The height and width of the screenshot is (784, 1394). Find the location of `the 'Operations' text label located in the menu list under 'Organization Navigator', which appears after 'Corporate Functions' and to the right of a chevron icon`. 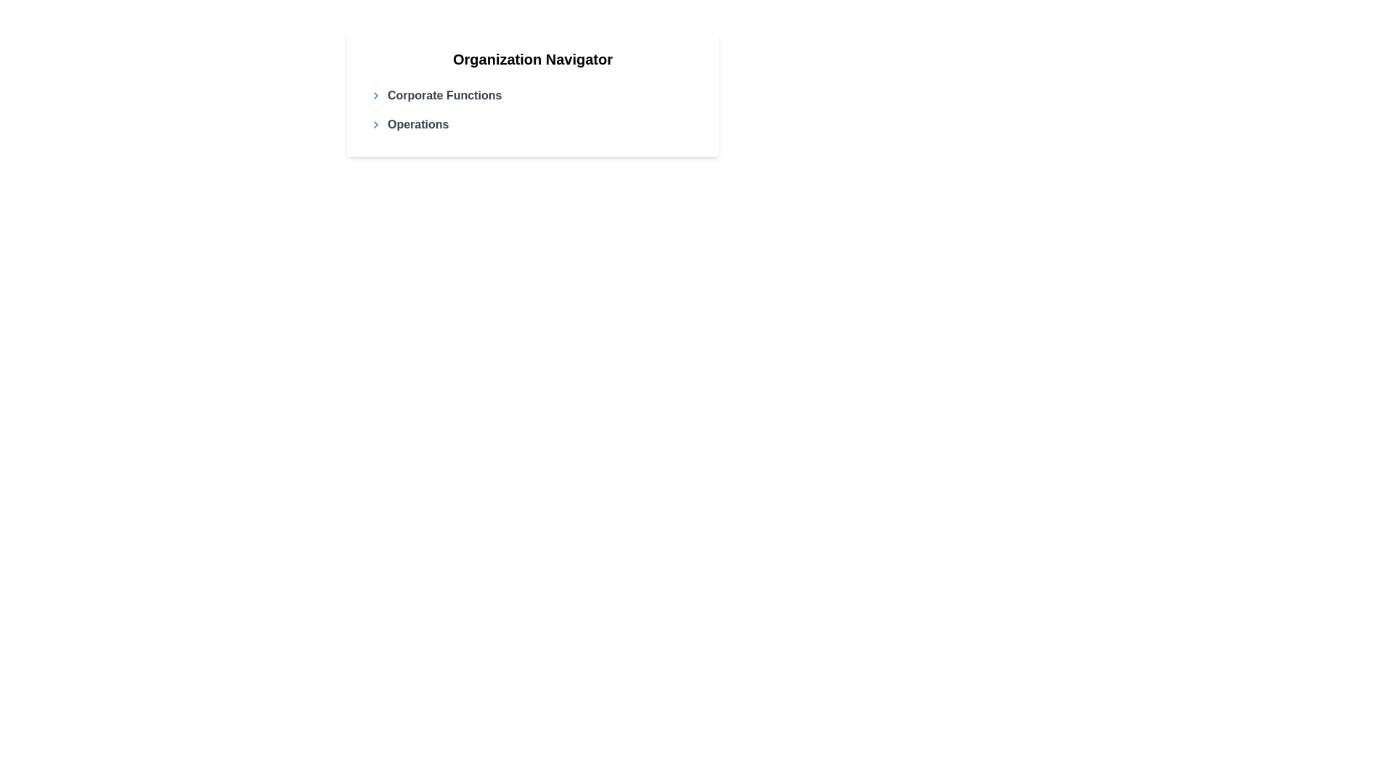

the 'Operations' text label located in the menu list under 'Organization Navigator', which appears after 'Corporate Functions' and to the right of a chevron icon is located at coordinates (417, 124).